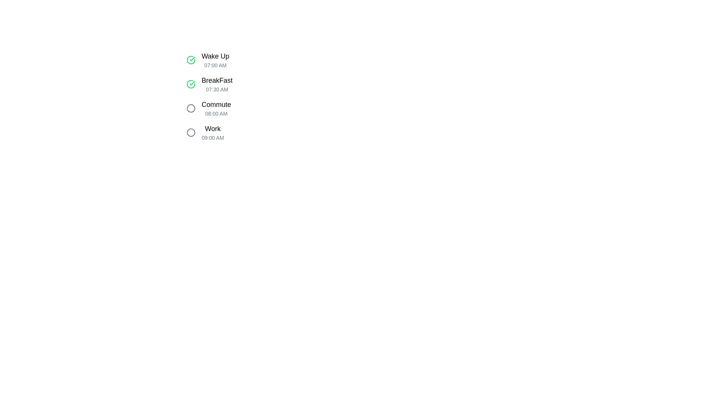 This screenshot has height=408, width=725. I want to click on text from the 'BreakFast' label which is positioned below the 'Wake Up' label and above the '07:30 AM' text, so click(217, 80).